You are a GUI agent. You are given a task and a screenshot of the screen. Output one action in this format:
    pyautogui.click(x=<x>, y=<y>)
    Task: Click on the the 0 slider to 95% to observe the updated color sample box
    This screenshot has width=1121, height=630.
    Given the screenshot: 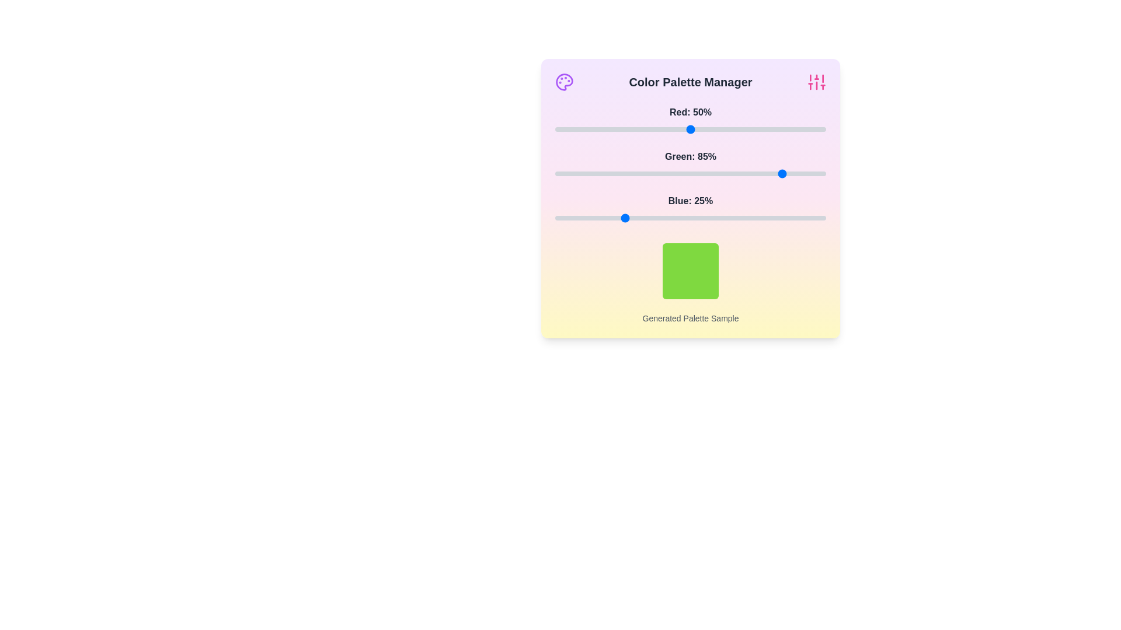 What is the action you would take?
    pyautogui.click(x=812, y=129)
    